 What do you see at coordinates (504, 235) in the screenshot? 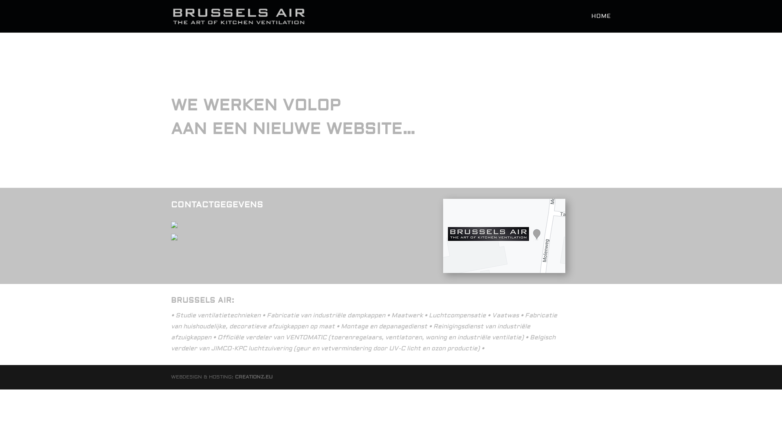
I see `'Brussels Air route'` at bounding box center [504, 235].